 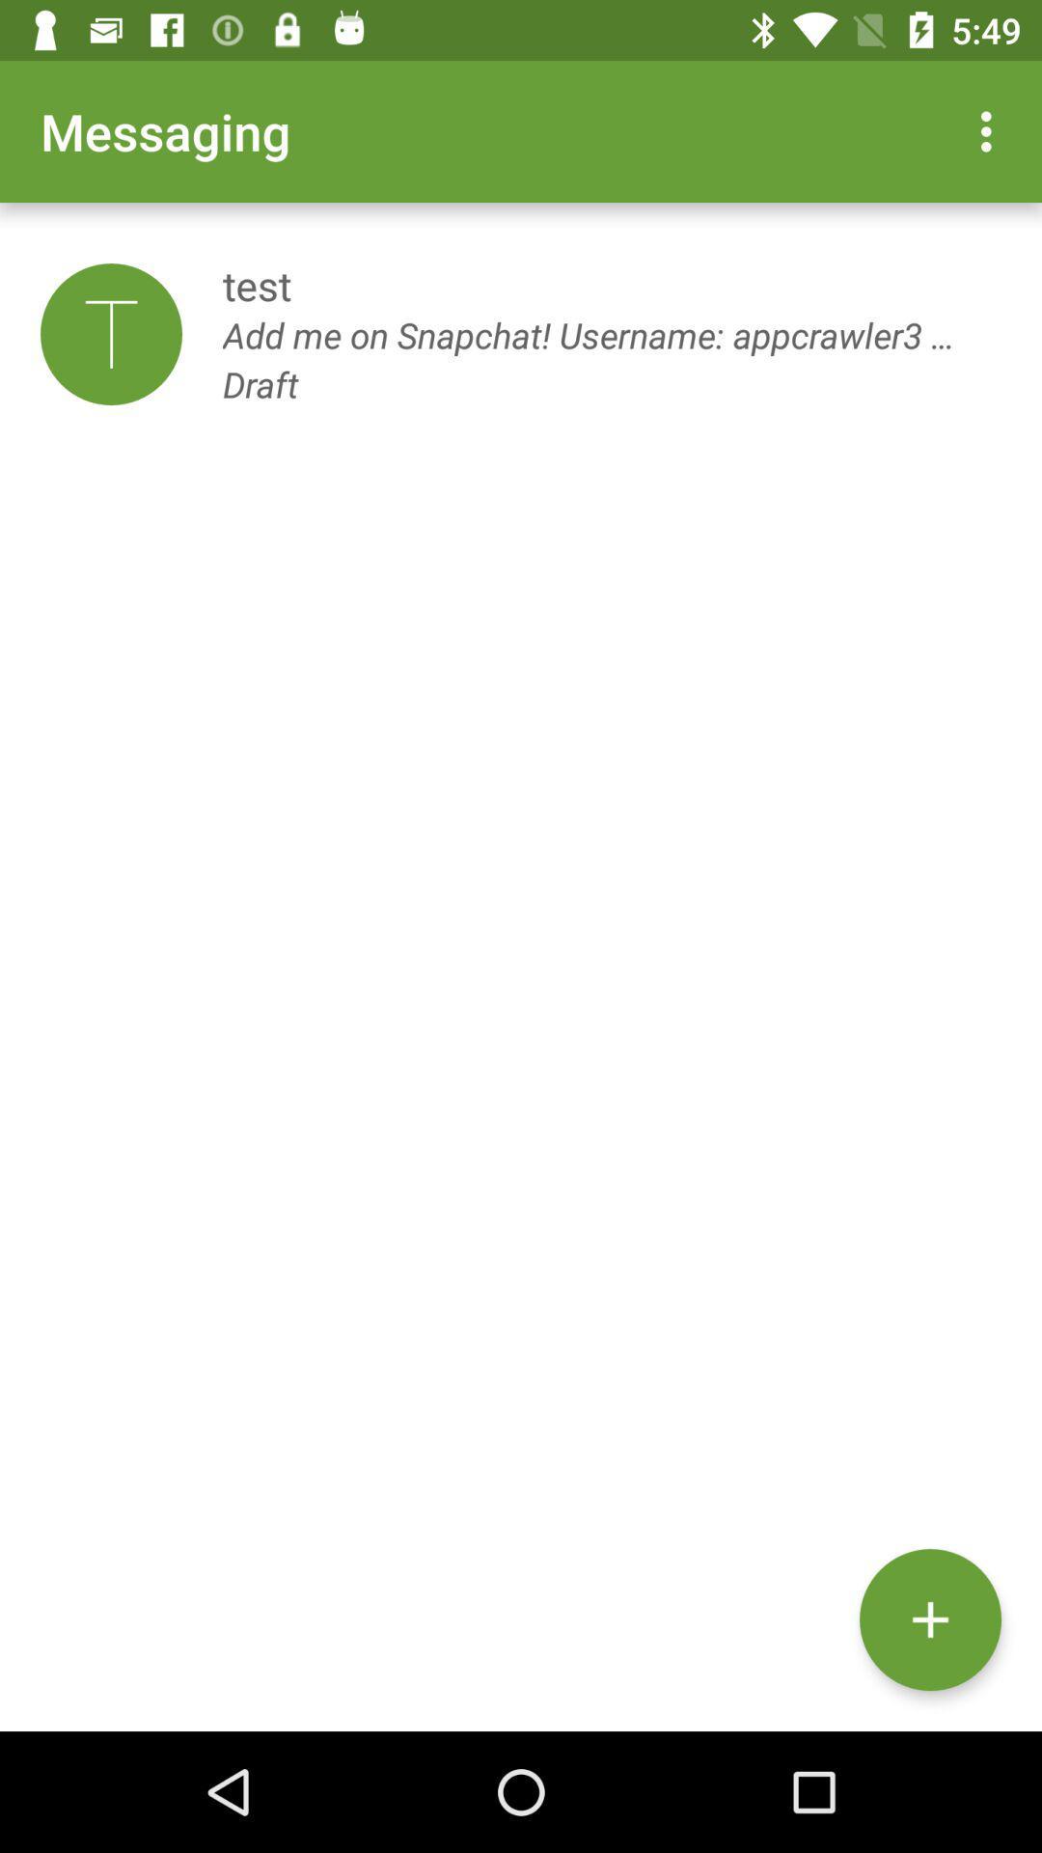 I want to click on the item above the test, so click(x=991, y=130).